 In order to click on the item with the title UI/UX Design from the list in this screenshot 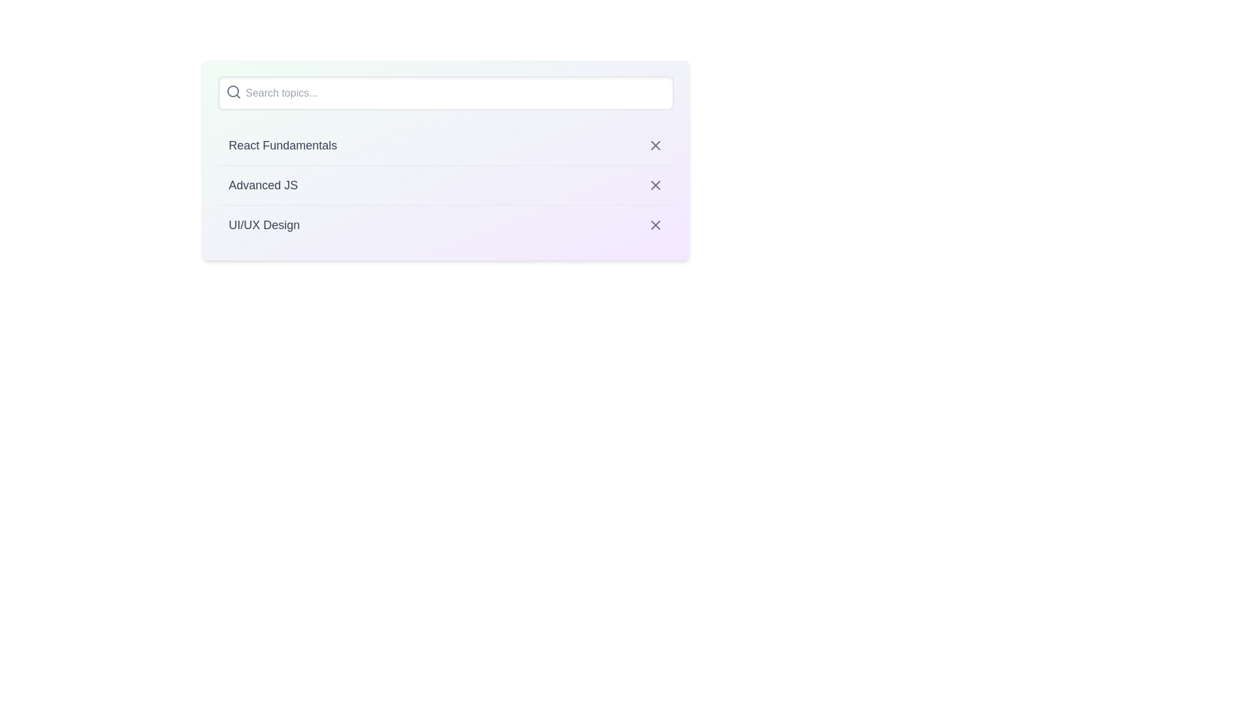, I will do `click(445, 224)`.